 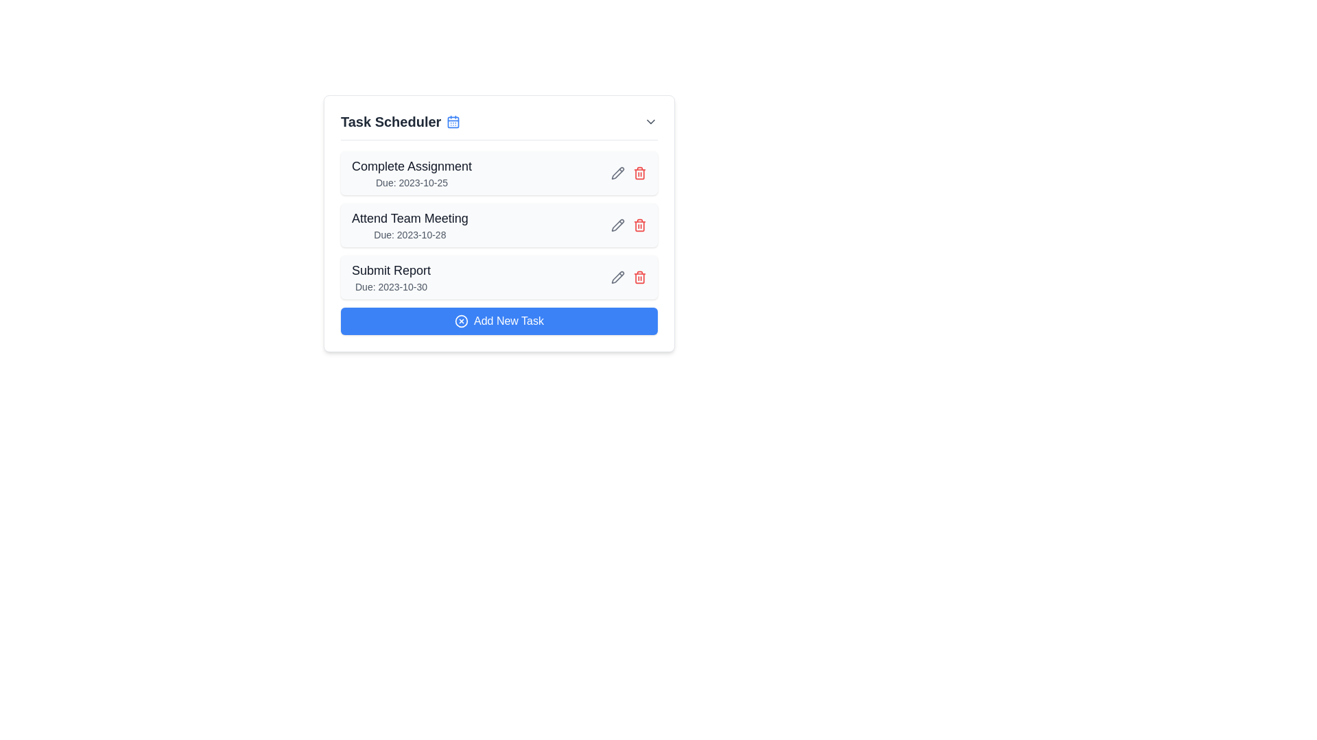 I want to click on the trash bin icon element, which is part of the task scheduler interface, located at the right end of the third task row labeled 'Submit Report', so click(x=639, y=277).